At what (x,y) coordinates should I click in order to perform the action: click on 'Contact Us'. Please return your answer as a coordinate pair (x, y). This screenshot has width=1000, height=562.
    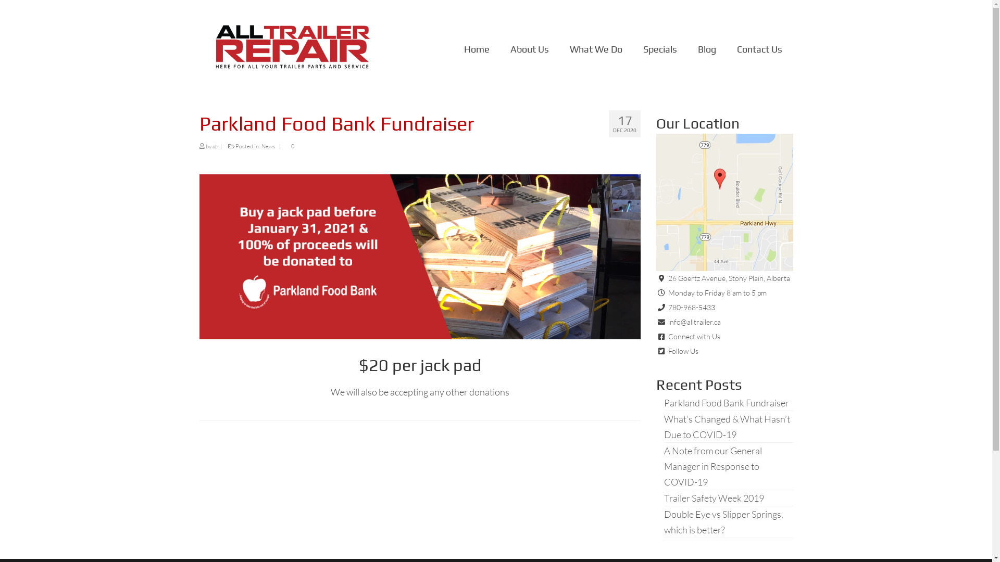
    Looking at the image, I should click on (759, 49).